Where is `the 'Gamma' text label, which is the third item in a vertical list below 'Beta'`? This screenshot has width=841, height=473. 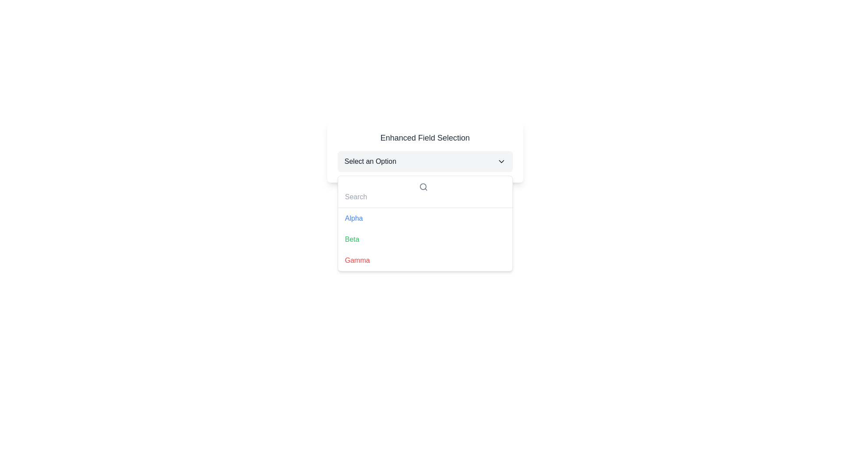 the 'Gamma' text label, which is the third item in a vertical list below 'Beta' is located at coordinates (357, 260).